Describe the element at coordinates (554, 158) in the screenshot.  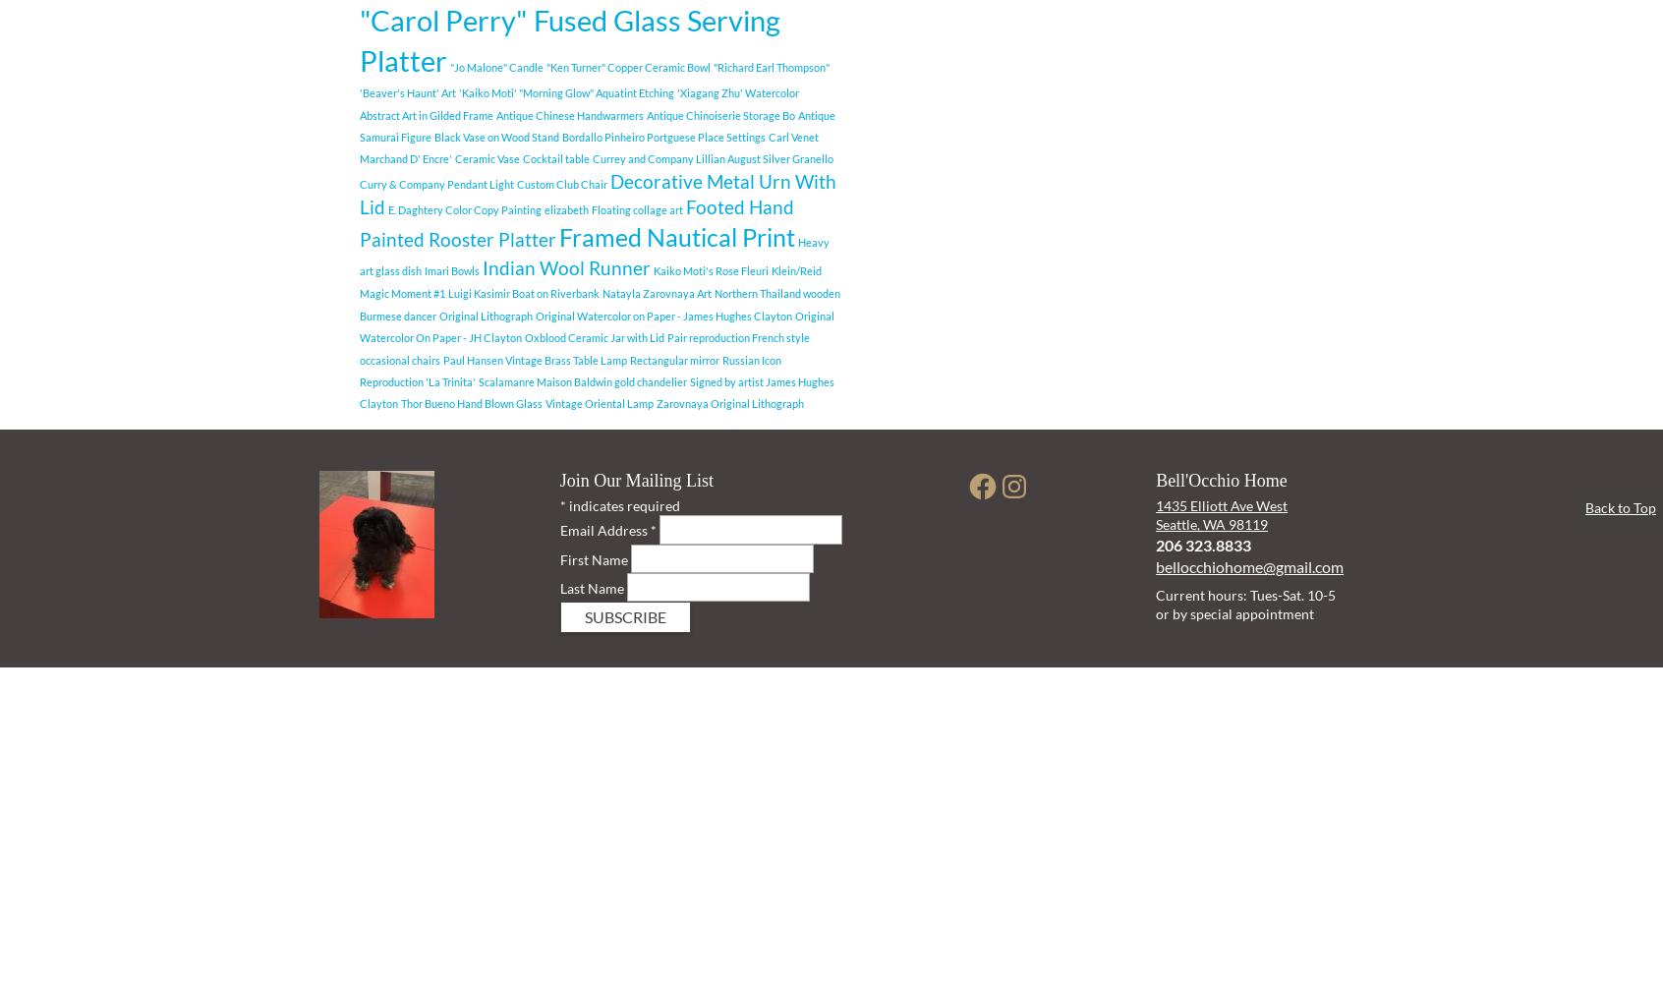
I see `'Cocktail table'` at that location.